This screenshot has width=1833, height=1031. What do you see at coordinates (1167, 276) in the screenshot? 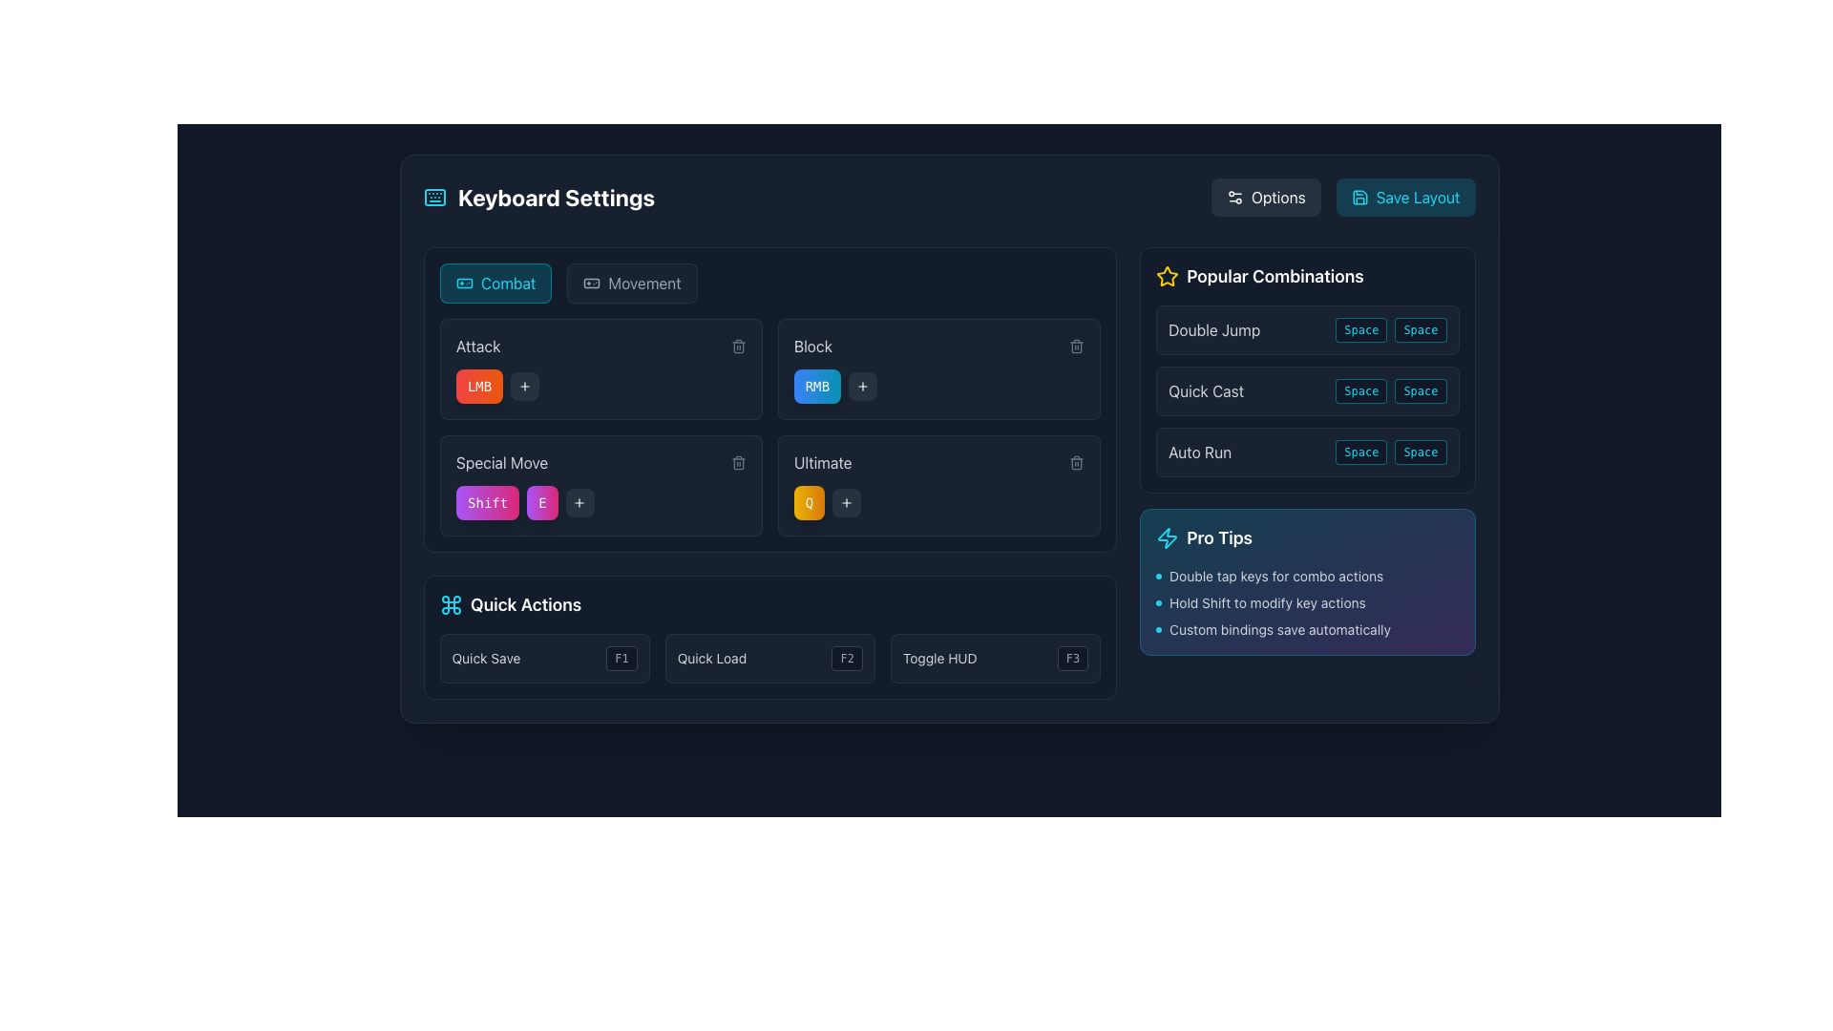
I see `the outlined star icon representing the 'Popular Combinations' section header located at the top-right corner of the interface` at bounding box center [1167, 276].